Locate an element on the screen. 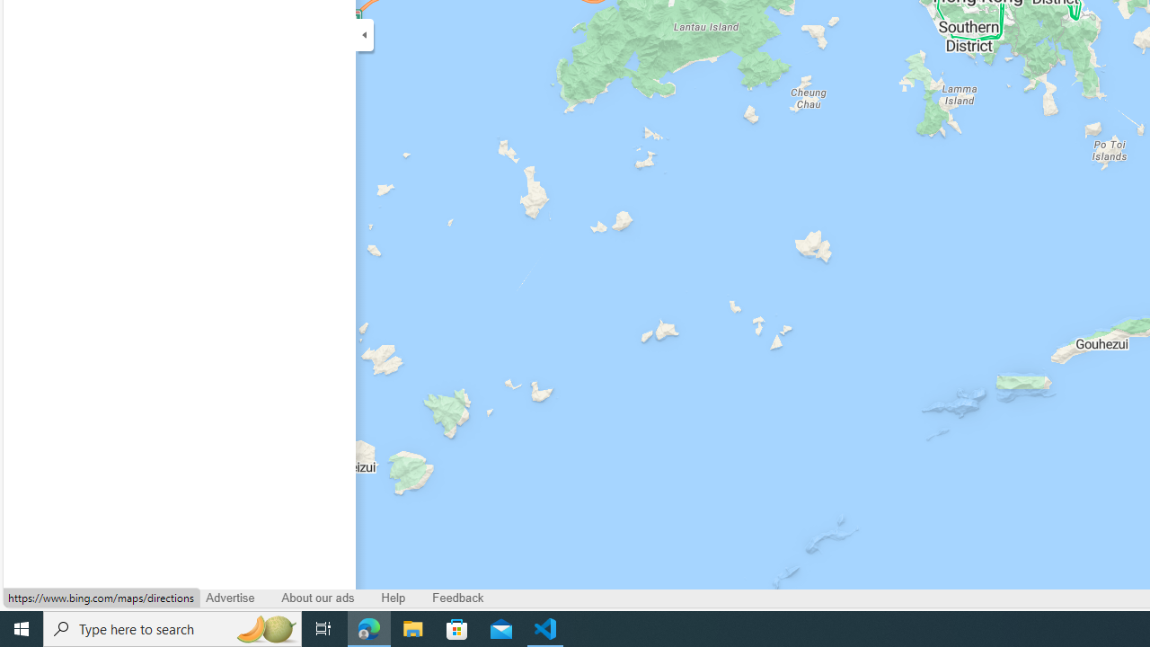 This screenshot has width=1150, height=647. 'About our ads' is located at coordinates (317, 598).